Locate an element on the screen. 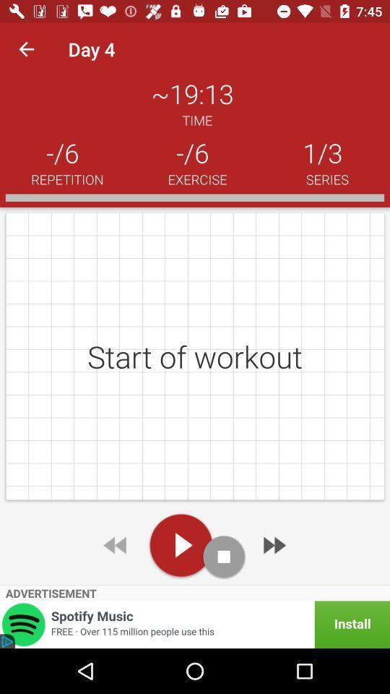  go forward is located at coordinates (273, 544).